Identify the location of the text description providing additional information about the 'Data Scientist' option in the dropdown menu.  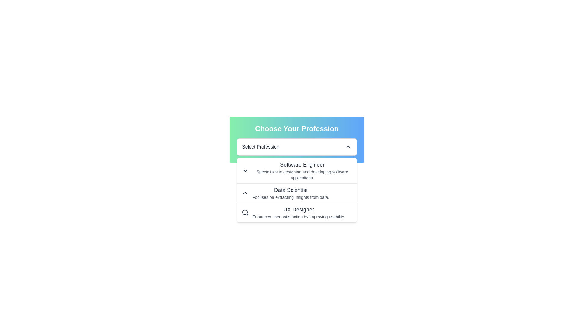
(291, 197).